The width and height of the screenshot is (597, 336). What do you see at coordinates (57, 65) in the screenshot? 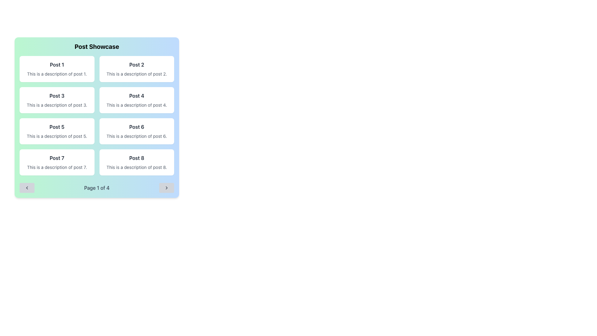
I see `and interpret the text of the top text label in the 'Post Showcase' card located at the top-left corner of the grid layout` at bounding box center [57, 65].